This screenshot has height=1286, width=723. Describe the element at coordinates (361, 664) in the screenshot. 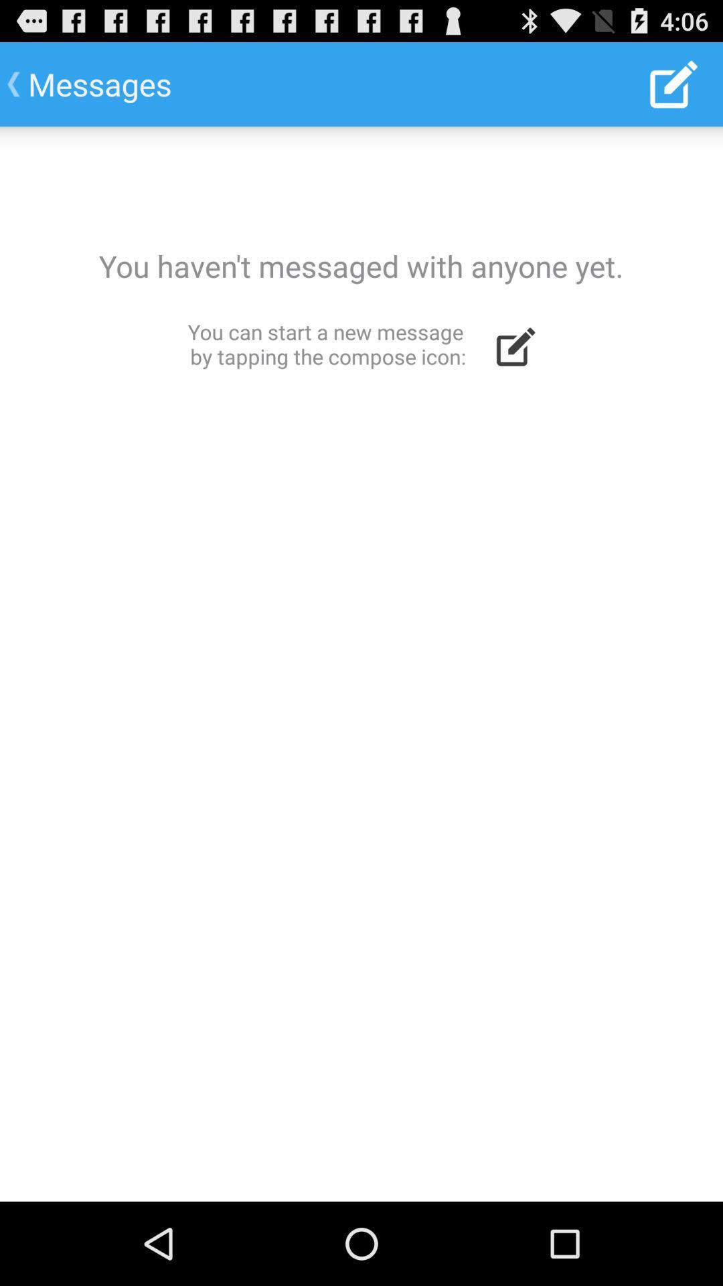

I see `blank message screen` at that location.